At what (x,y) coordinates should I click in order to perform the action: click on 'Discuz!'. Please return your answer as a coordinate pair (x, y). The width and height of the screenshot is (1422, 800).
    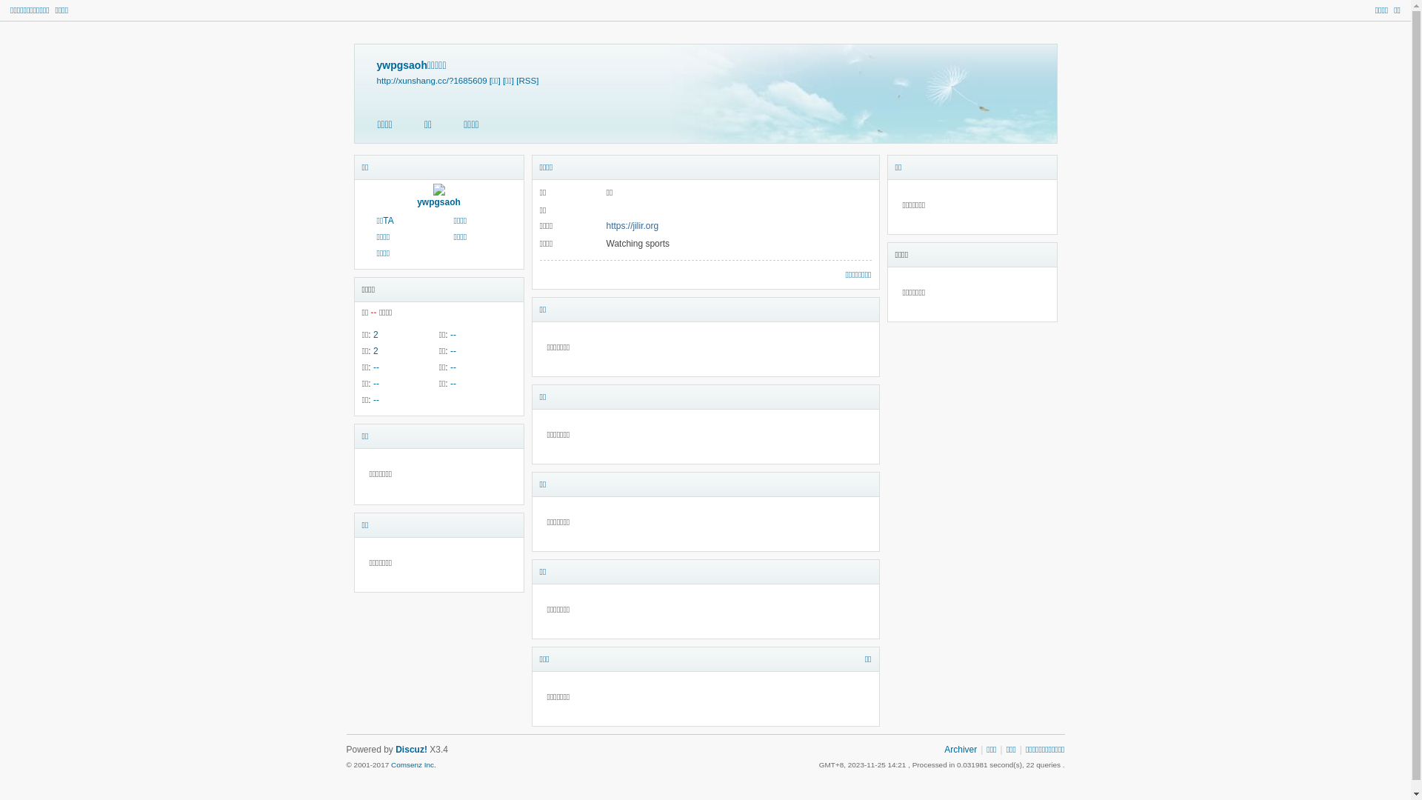
    Looking at the image, I should click on (411, 749).